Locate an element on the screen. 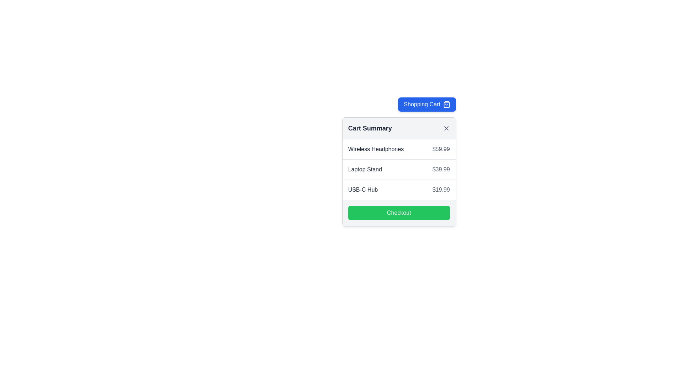  the green 'Checkout' button located at the bottom of the cart summary section to proceed to checkout is located at coordinates (399, 212).